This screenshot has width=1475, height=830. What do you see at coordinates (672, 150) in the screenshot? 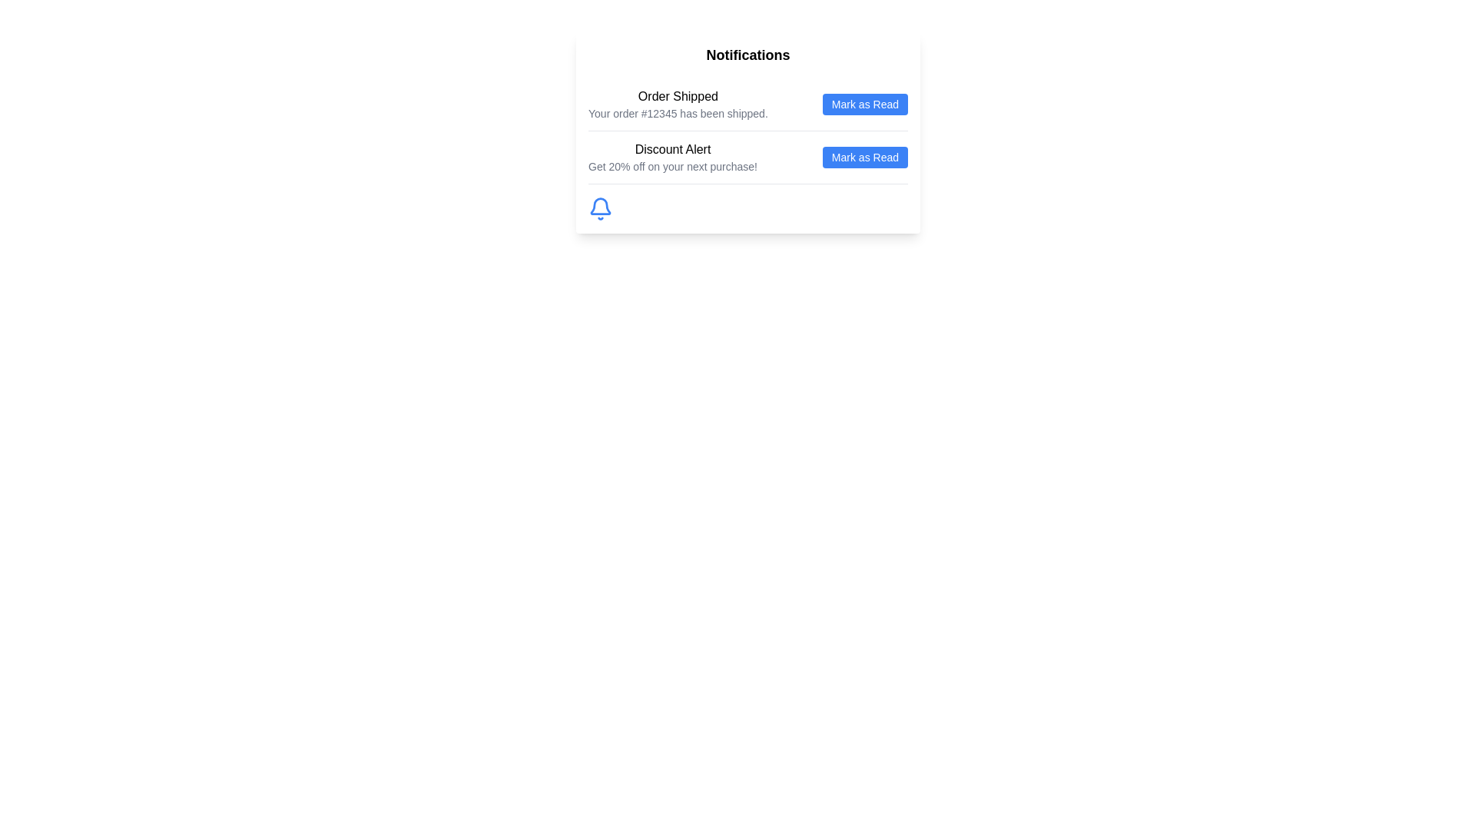
I see `the 'Discount Alert' text label, which is a bold notification positioned within a notification card, located below the 'Order Shipped' notification` at bounding box center [672, 150].